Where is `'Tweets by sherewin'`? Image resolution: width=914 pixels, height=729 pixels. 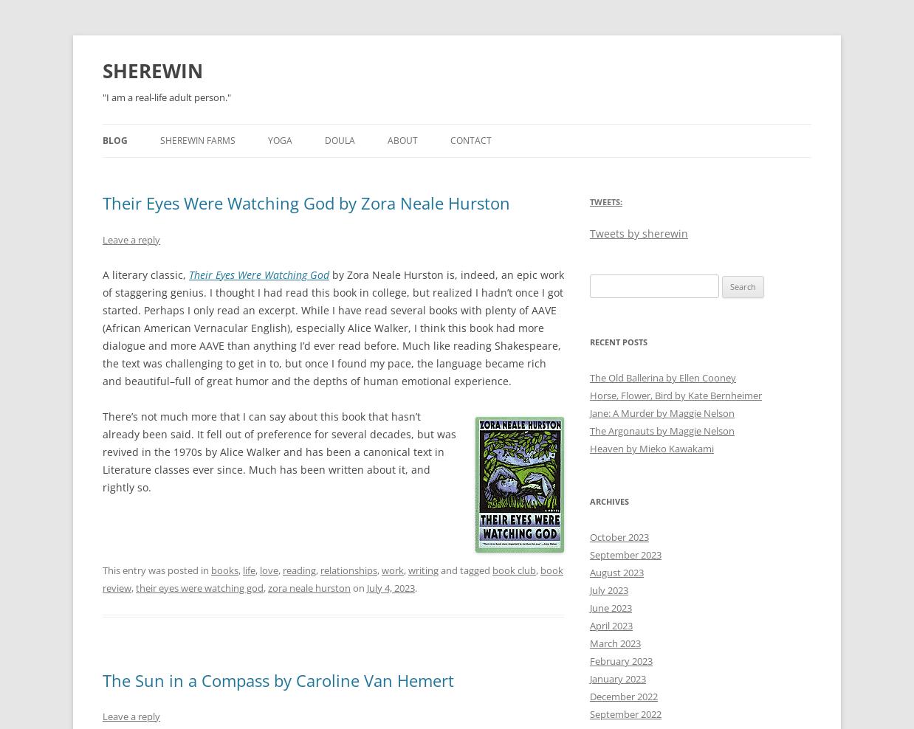 'Tweets by sherewin' is located at coordinates (590, 233).